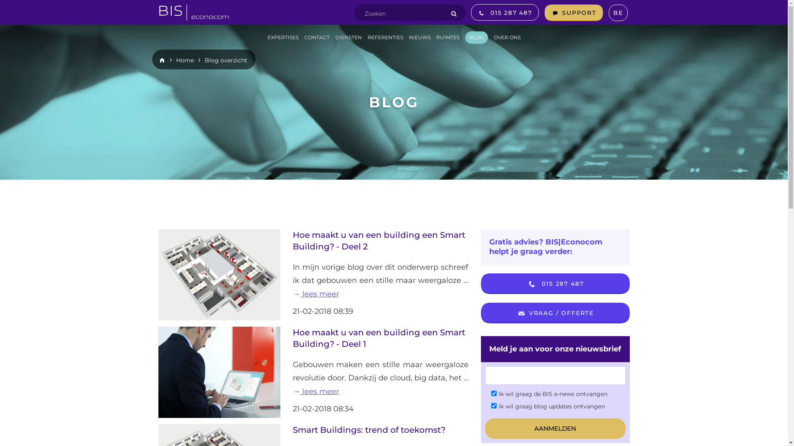 The image size is (794, 446). I want to click on 'NIEUWS', so click(419, 38).